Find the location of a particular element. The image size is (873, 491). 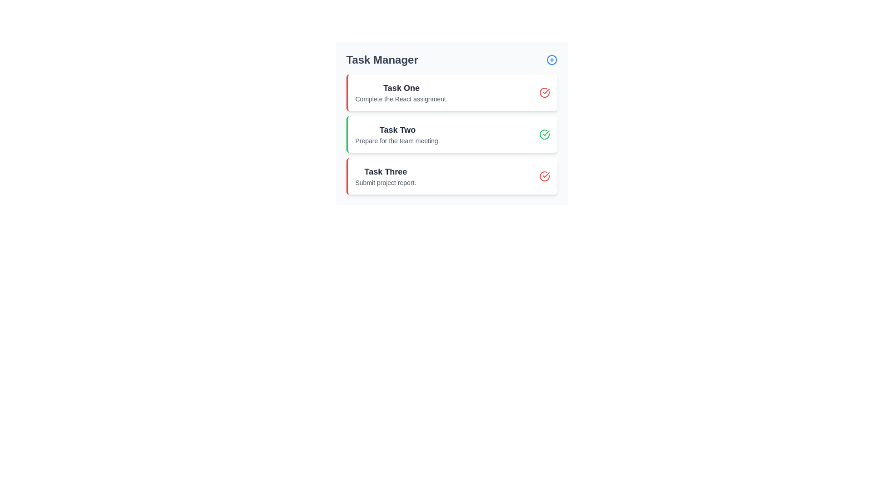

the task item labeled 'Task Two' is located at coordinates (452, 135).